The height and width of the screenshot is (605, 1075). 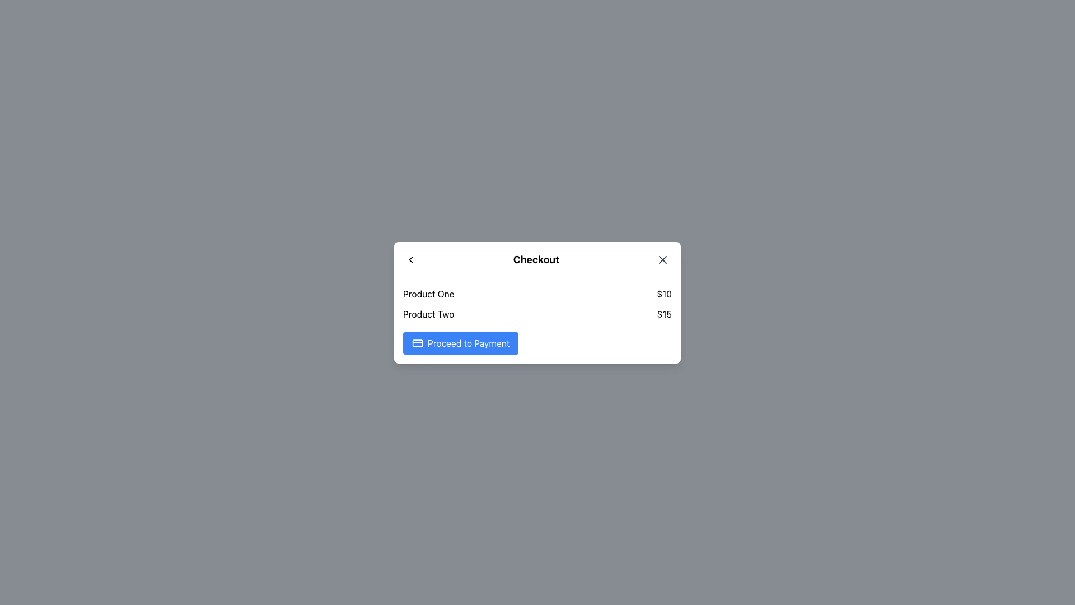 What do you see at coordinates (663, 259) in the screenshot?
I see `the close button represented by an 'X' symbol in medium gray color located in the top right corner of the dialog box` at bounding box center [663, 259].